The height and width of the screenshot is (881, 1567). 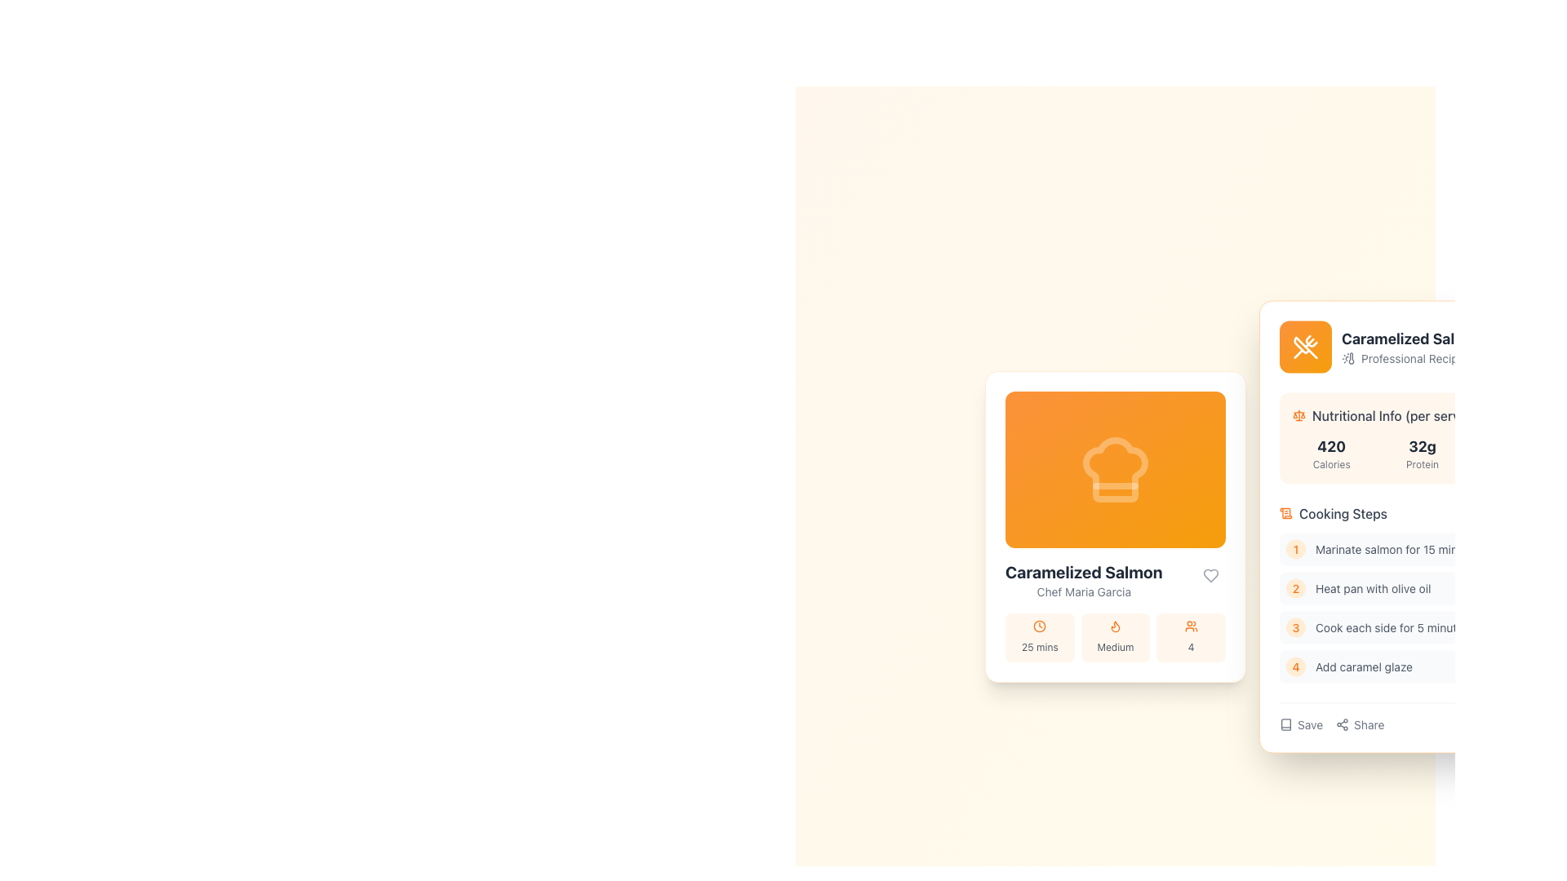 What do you see at coordinates (1397, 549) in the screenshot?
I see `the first cooking step text label, which is positioned immediately to the right of the circular numeric indicator with '1' in the recipe card's cooking steps list` at bounding box center [1397, 549].